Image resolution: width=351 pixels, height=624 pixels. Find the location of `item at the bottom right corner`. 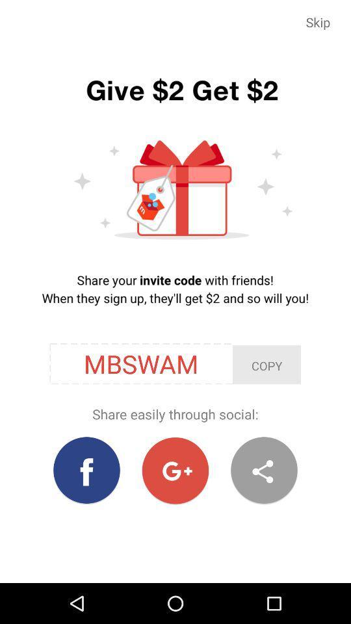

item at the bottom right corner is located at coordinates (263, 470).